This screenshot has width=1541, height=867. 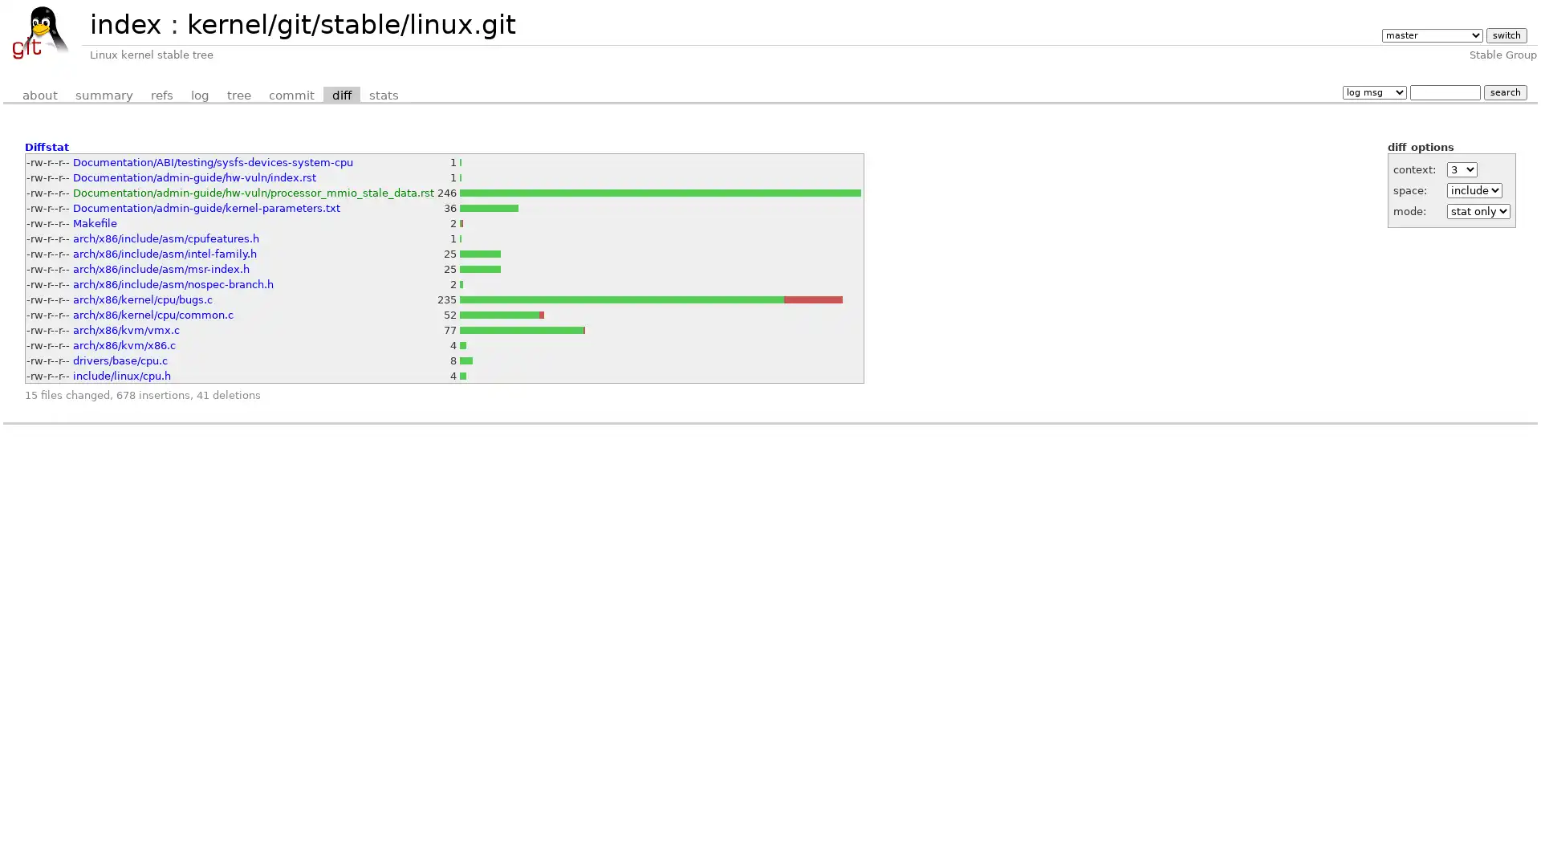 What do you see at coordinates (1504, 92) in the screenshot?
I see `search` at bounding box center [1504, 92].